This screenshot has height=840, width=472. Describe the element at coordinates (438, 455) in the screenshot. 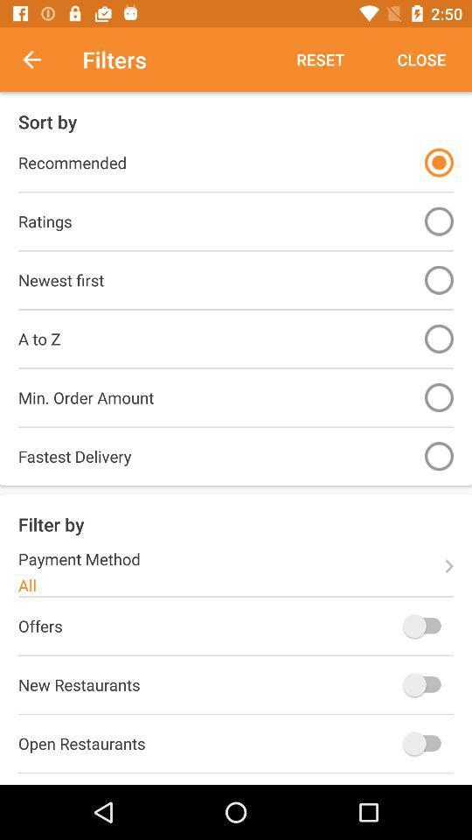

I see `the item above filter by` at that location.